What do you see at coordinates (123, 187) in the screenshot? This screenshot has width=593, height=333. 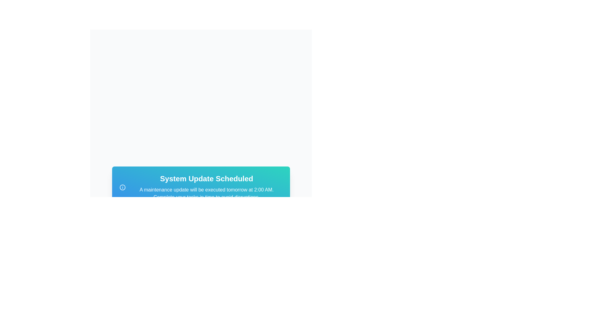 I see `the circular icon with a white outline and a smaller dot inside, located to the left of the 'System Update Scheduled' section` at bounding box center [123, 187].